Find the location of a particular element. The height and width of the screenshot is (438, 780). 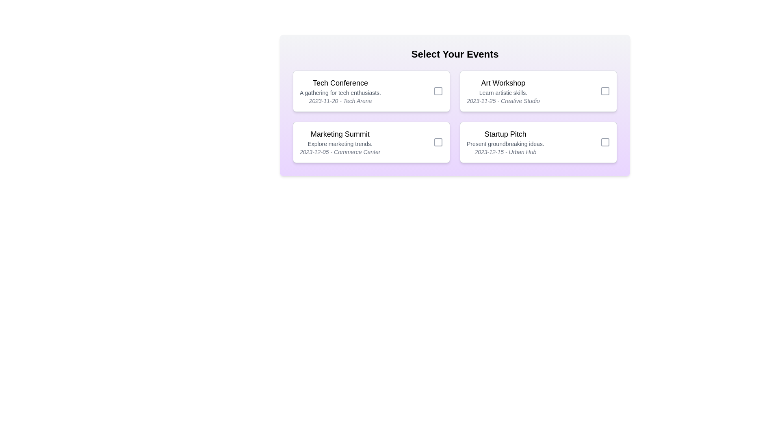

the card corresponding to Startup Pitch is located at coordinates (538, 142).